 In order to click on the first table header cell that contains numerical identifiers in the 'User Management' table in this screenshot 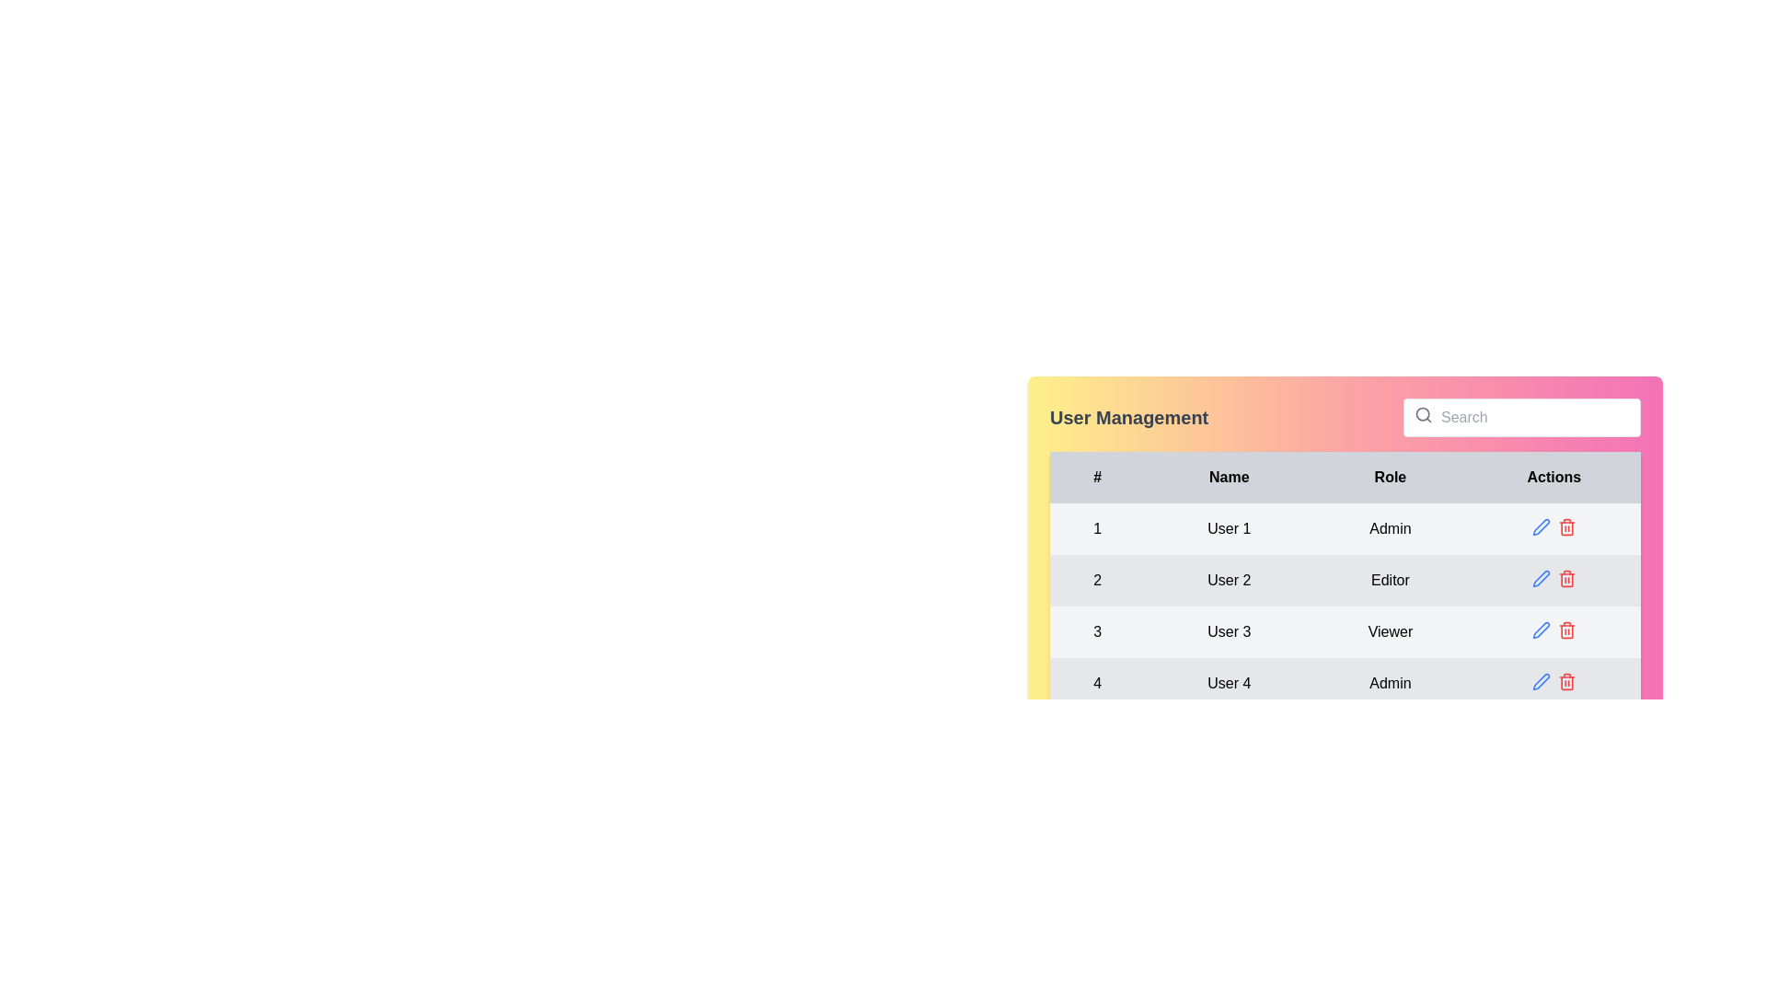, I will do `click(1097, 477)`.